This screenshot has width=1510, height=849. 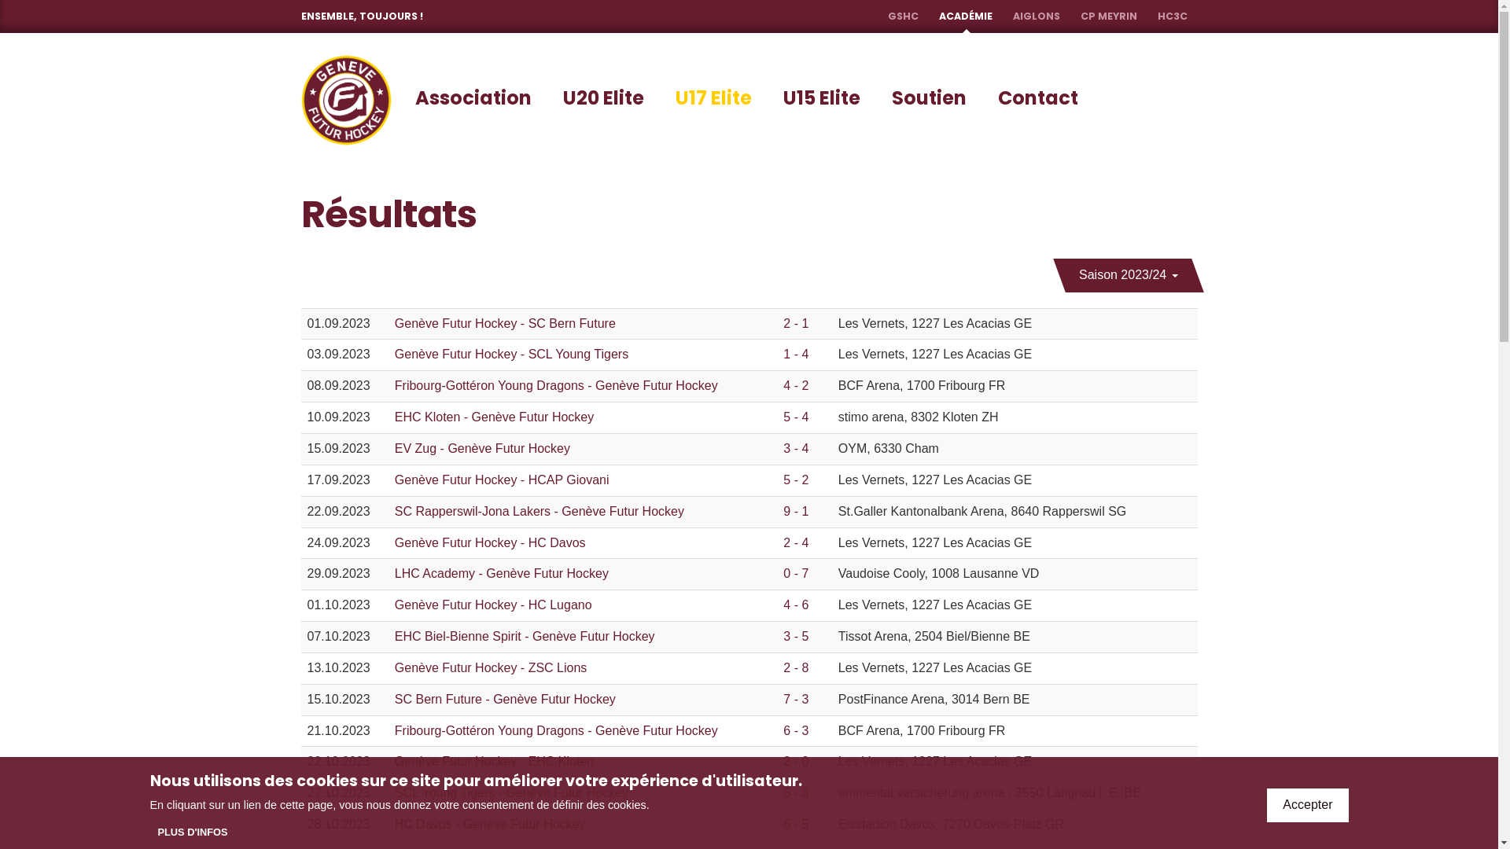 I want to click on 'Saison 2023/24', so click(x=1121, y=274).